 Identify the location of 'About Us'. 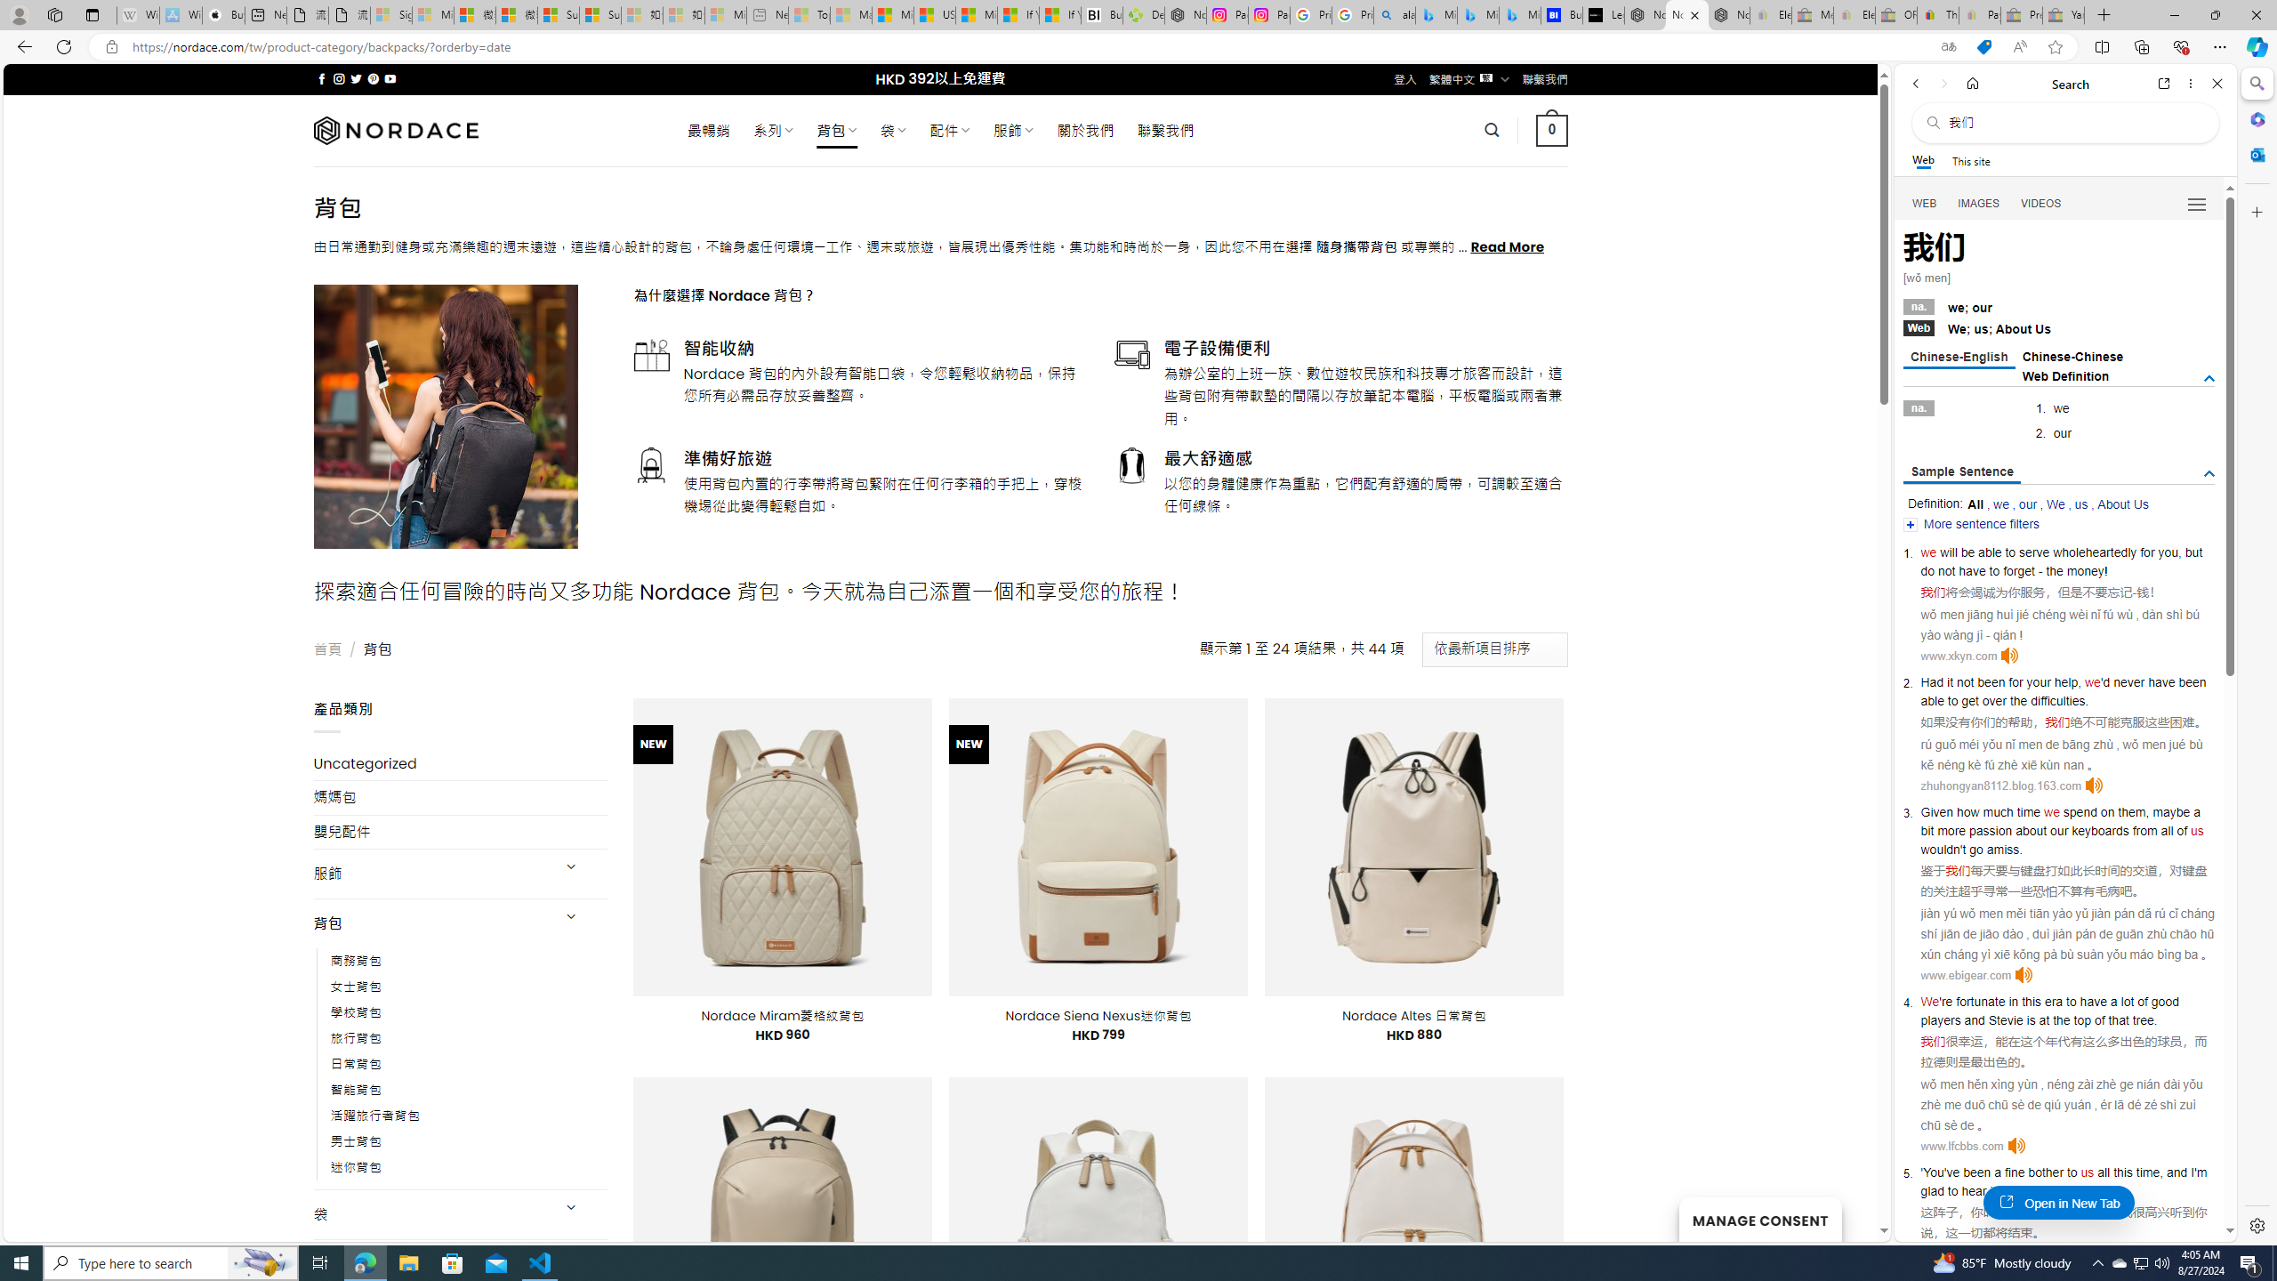
(2122, 504).